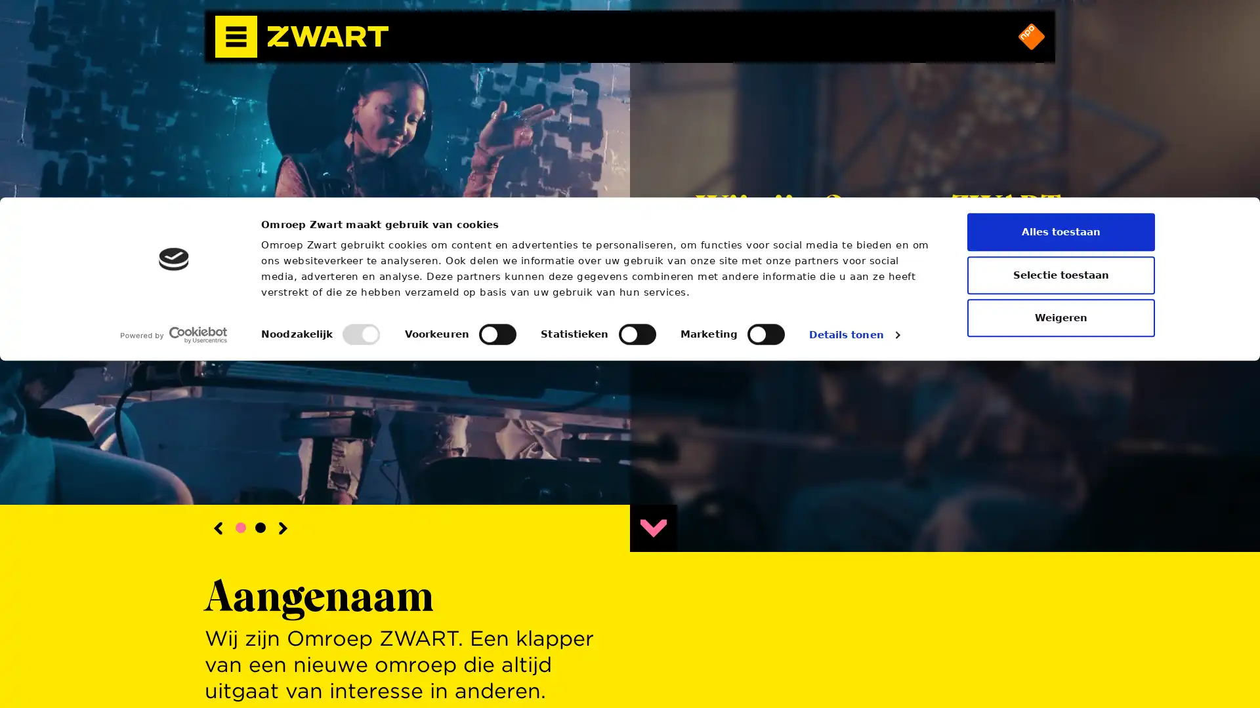 This screenshot has height=708, width=1260. I want to click on Weigeren, so click(1061, 665).